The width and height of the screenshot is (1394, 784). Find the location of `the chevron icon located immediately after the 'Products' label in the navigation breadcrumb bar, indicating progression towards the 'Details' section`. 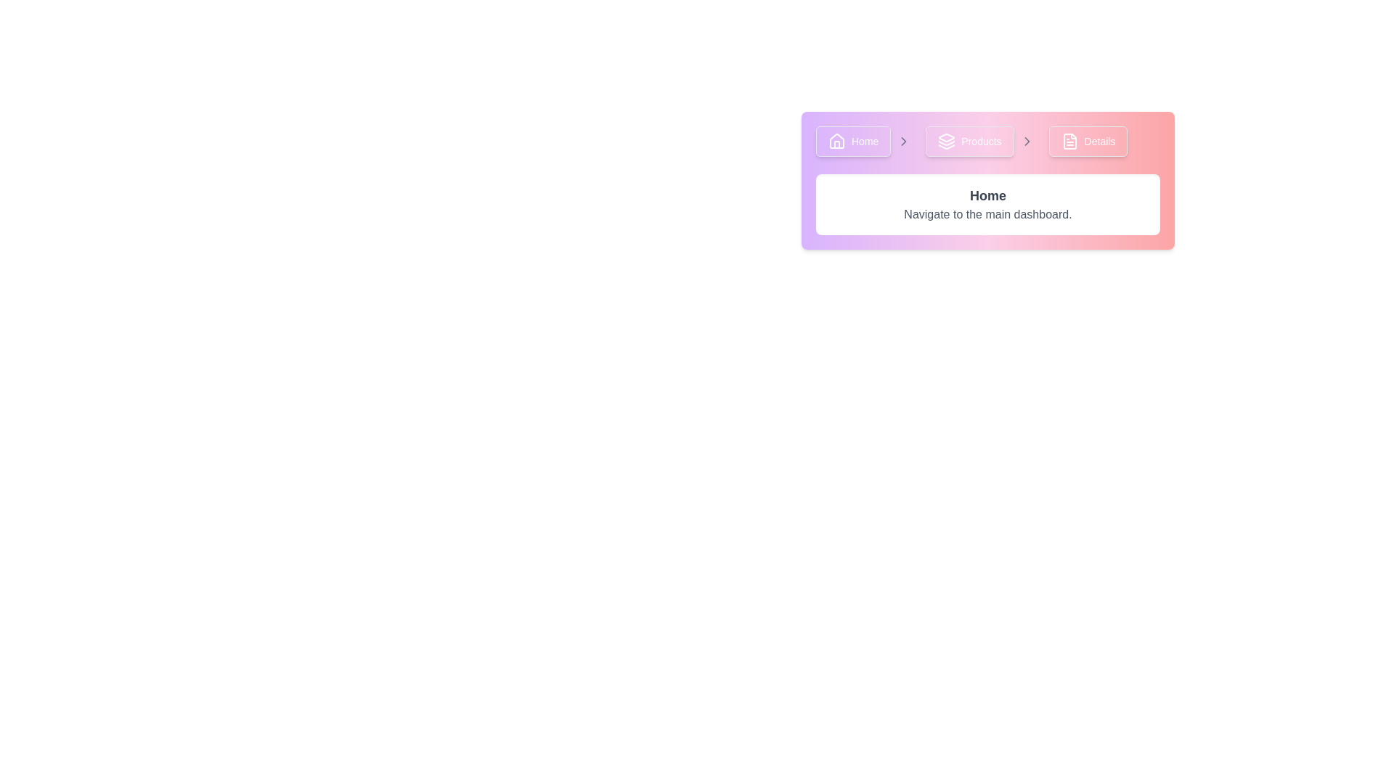

the chevron icon located immediately after the 'Products' label in the navigation breadcrumb bar, indicating progression towards the 'Details' section is located at coordinates (1026, 142).